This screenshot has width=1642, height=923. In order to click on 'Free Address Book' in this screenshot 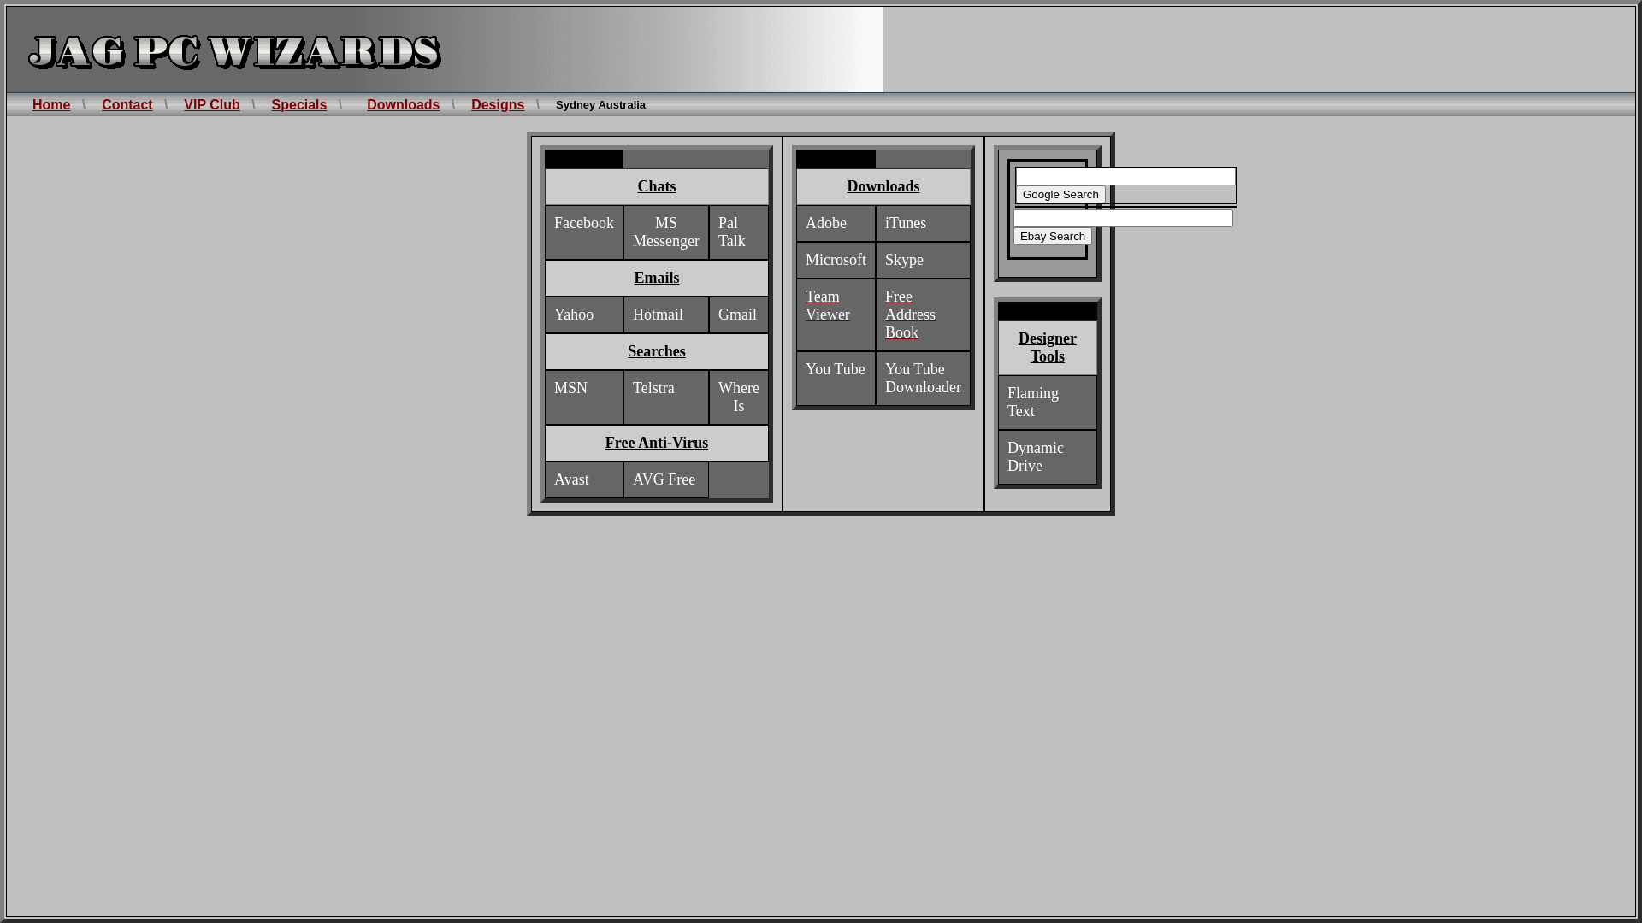, I will do `click(909, 315)`.